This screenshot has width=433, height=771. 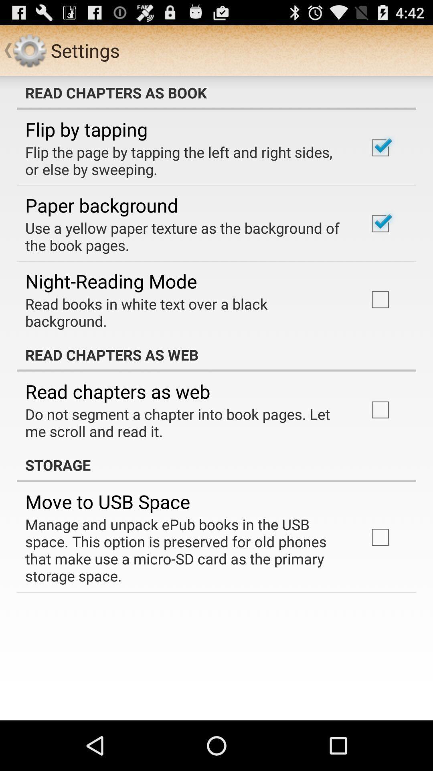 What do you see at coordinates (186, 161) in the screenshot?
I see `flip the page item` at bounding box center [186, 161].